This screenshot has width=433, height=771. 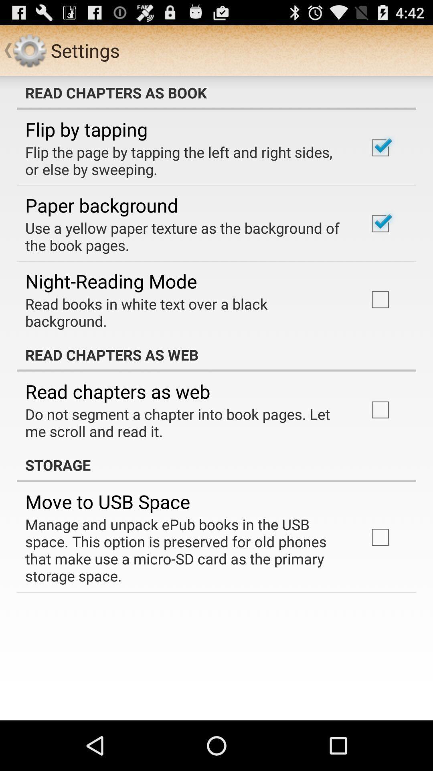 What do you see at coordinates (186, 161) in the screenshot?
I see `flip the page item` at bounding box center [186, 161].